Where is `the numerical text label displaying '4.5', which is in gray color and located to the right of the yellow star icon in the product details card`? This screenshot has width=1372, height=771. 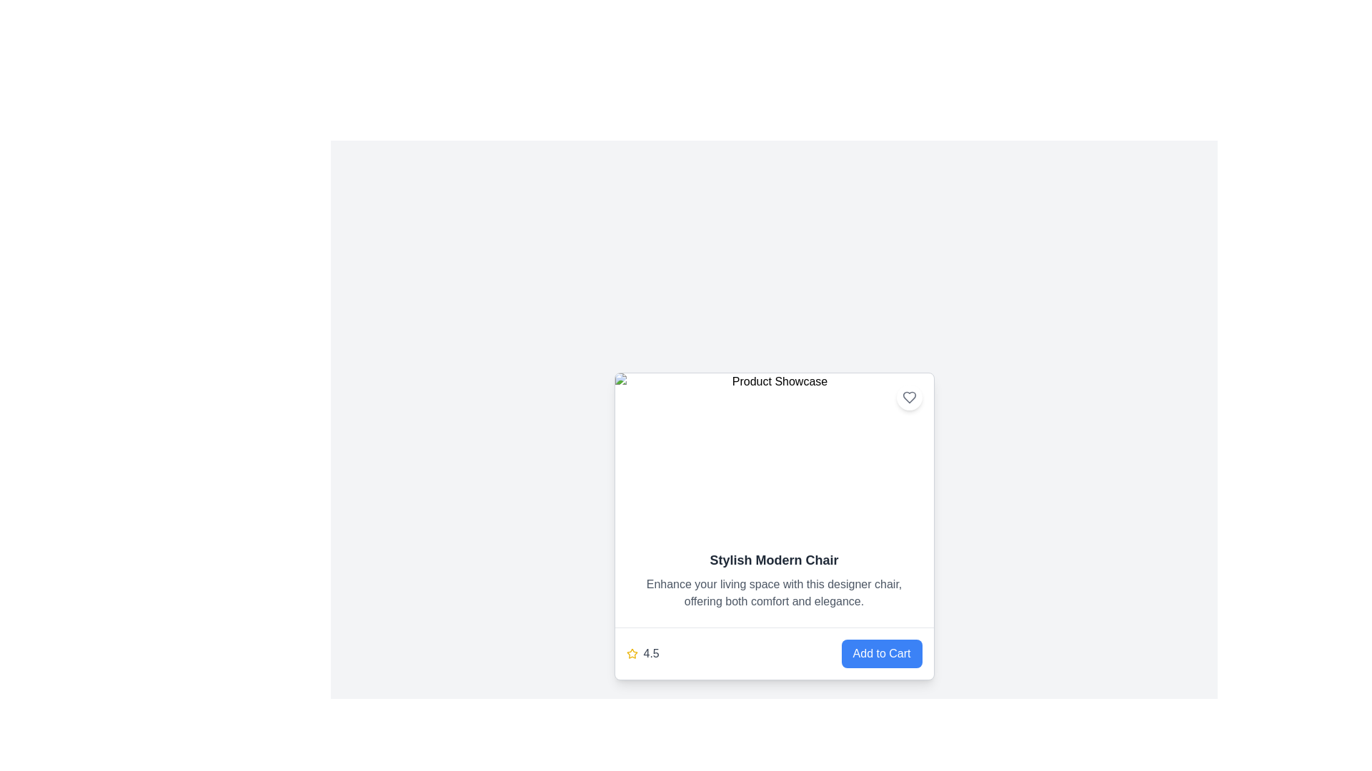 the numerical text label displaying '4.5', which is in gray color and located to the right of the yellow star icon in the product details card is located at coordinates (650, 653).